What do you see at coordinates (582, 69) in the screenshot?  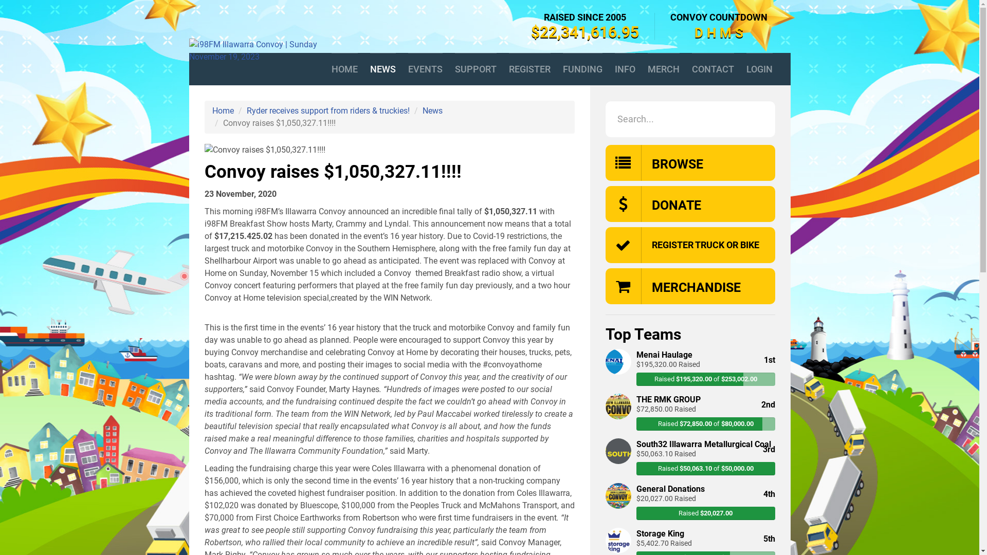 I see `'FUNDING'` at bounding box center [582, 69].